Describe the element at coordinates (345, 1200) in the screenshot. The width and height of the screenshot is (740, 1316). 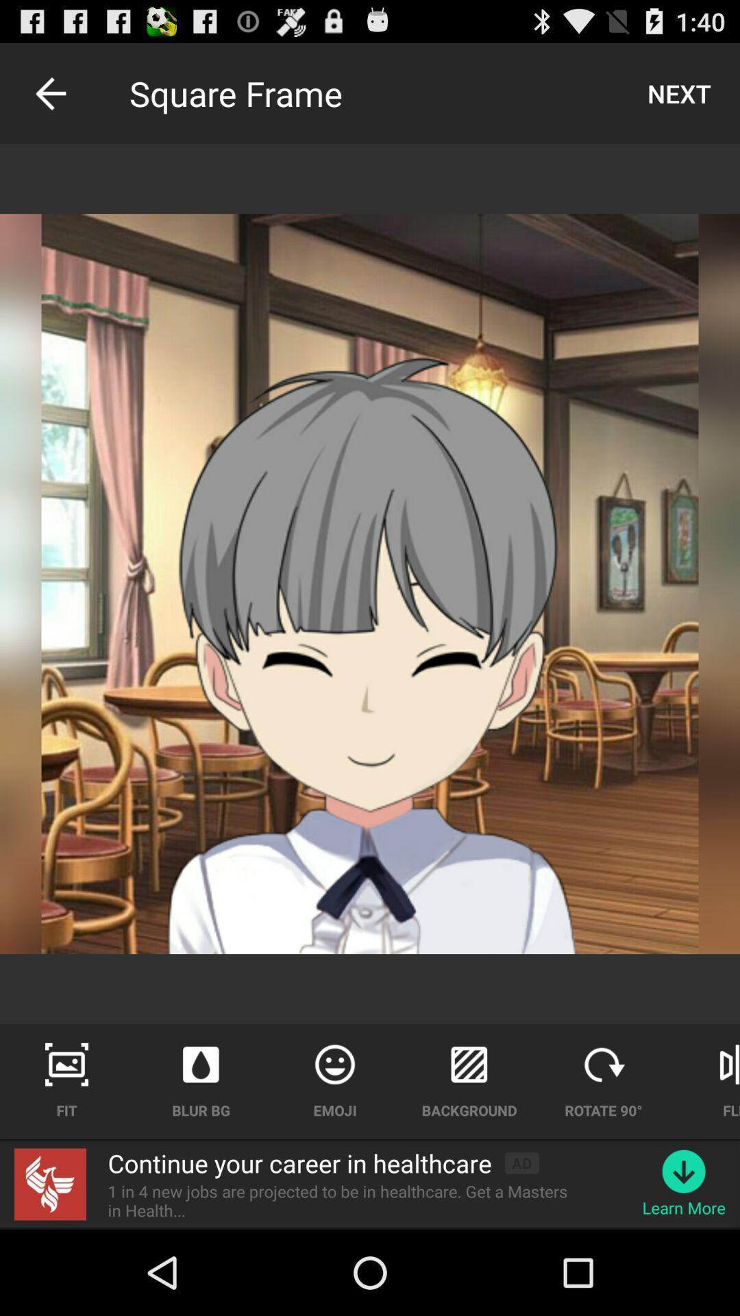
I see `the app below the continue your career` at that location.